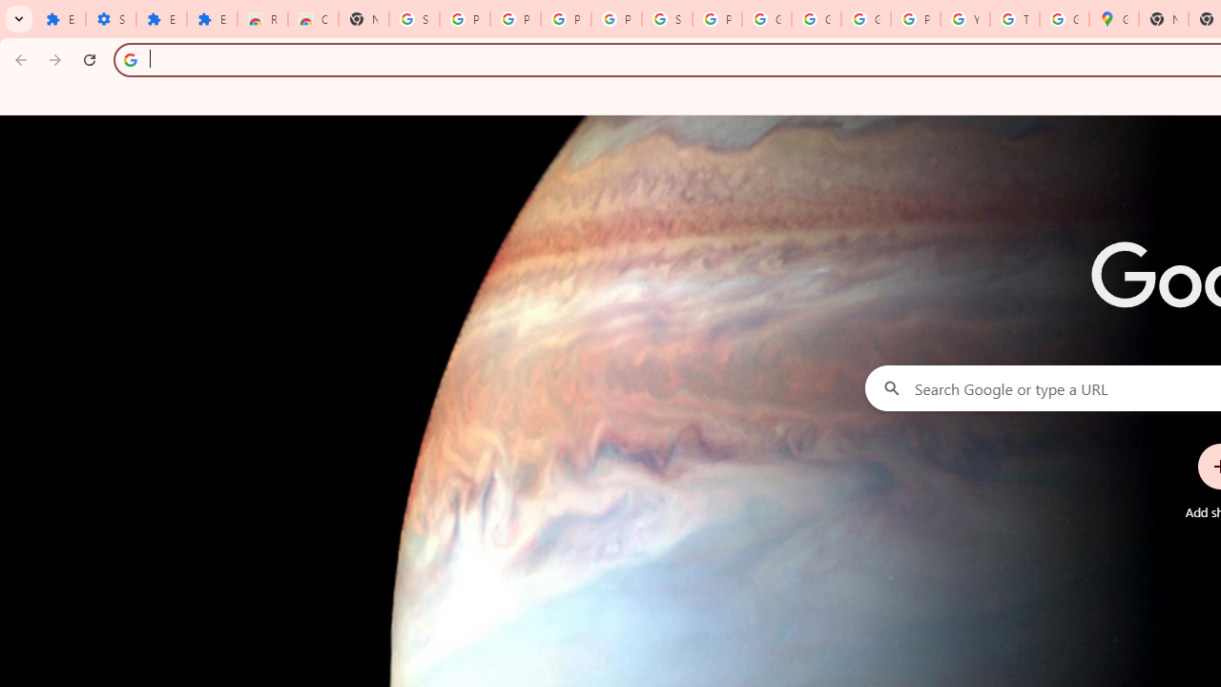 The height and width of the screenshot is (687, 1221). Describe the element at coordinates (212, 19) in the screenshot. I see `'Extensions'` at that location.